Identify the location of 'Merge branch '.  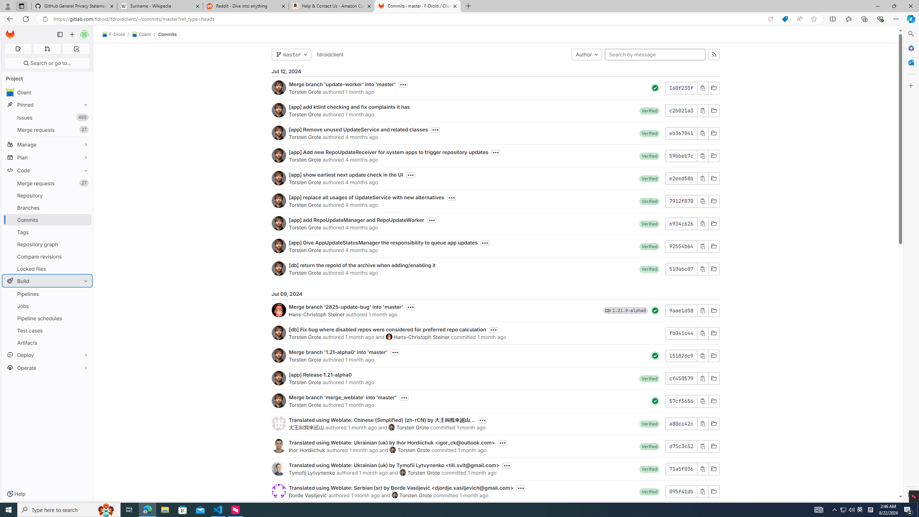
(342, 84).